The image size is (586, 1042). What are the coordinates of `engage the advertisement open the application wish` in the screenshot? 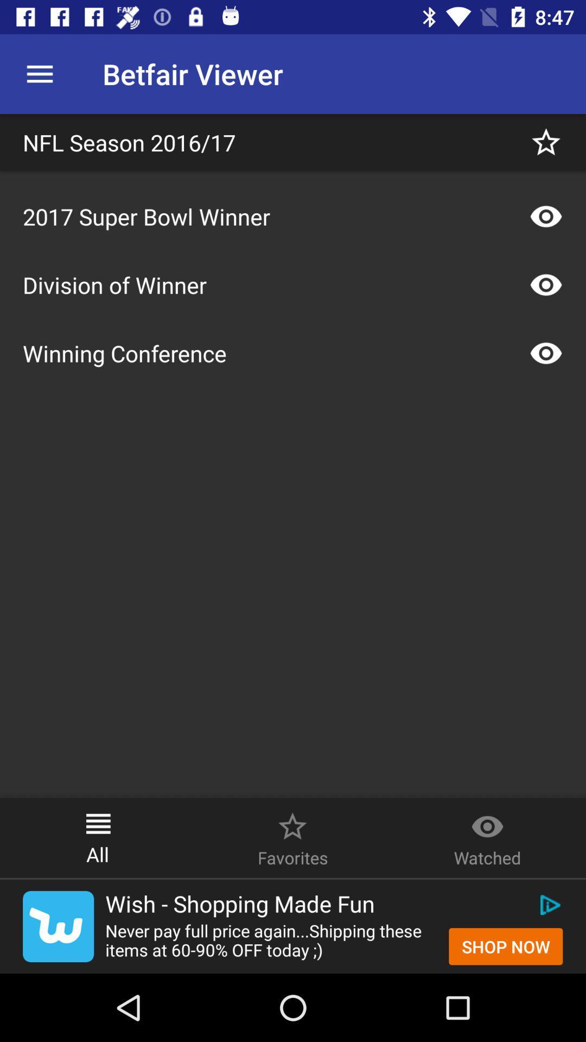 It's located at (58, 926).